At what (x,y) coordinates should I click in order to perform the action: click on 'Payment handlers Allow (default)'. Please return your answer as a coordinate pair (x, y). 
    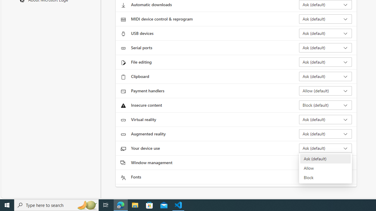
    Looking at the image, I should click on (325, 91).